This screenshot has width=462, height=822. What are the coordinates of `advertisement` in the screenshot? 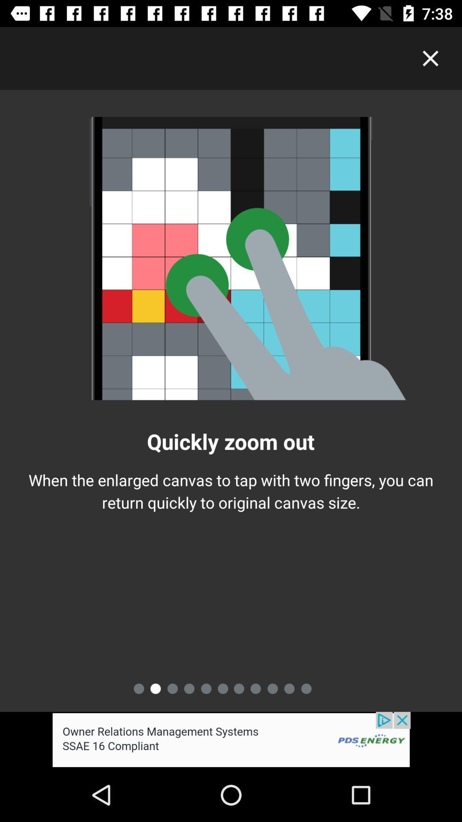 It's located at (231, 739).